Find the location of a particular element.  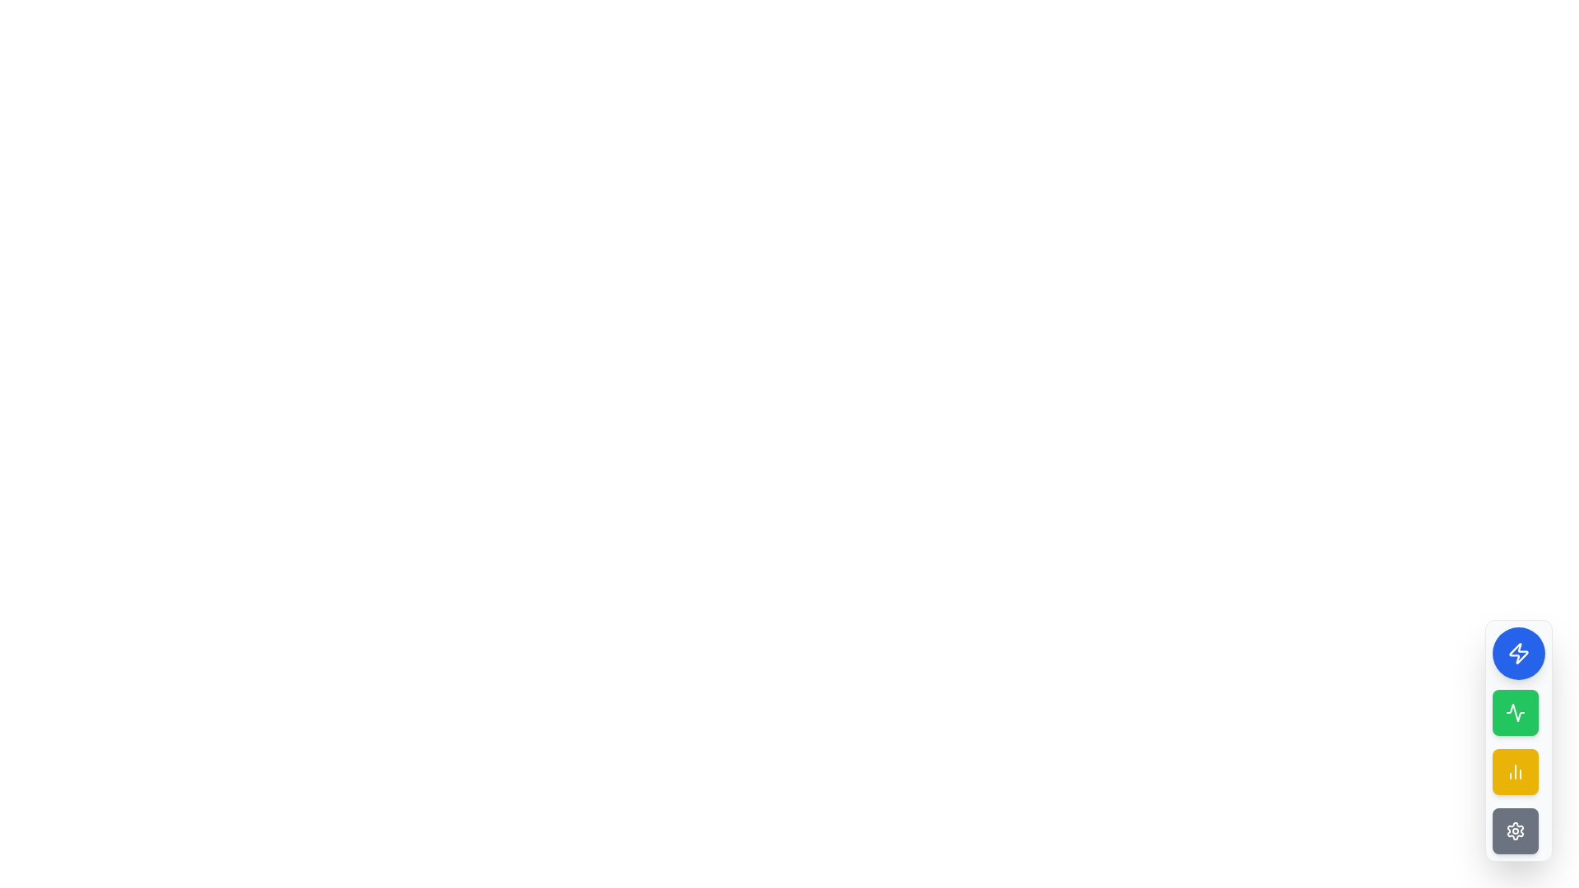

the settings icon located at the bottom of a vertical stack of circular buttons in the sidebar layout is located at coordinates (1515, 830).